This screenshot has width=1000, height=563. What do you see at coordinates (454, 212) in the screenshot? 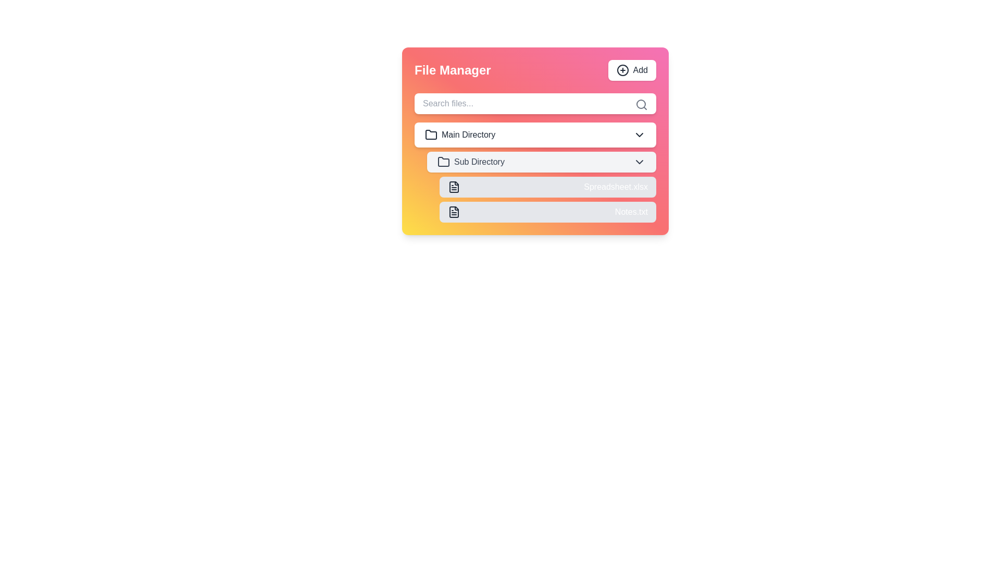
I see `the file document icon representing 'Notes.txt' in the File Manager interface` at bounding box center [454, 212].